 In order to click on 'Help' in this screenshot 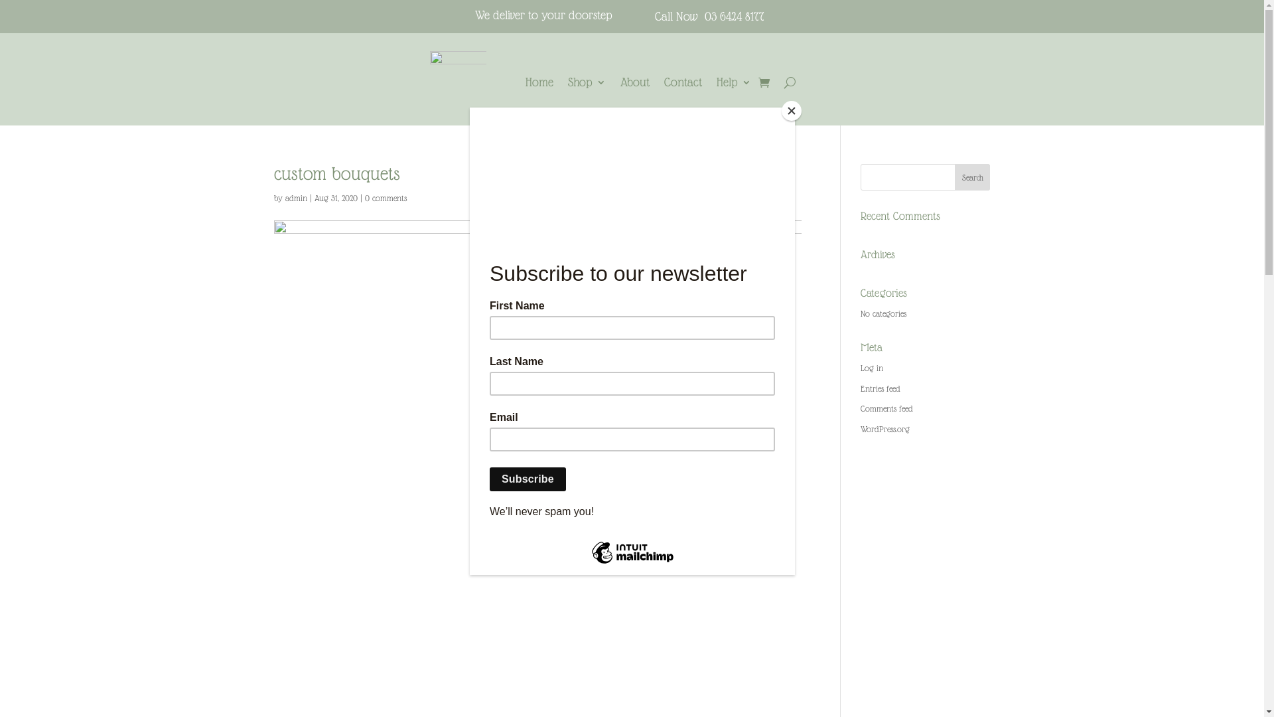, I will do `click(716, 84)`.